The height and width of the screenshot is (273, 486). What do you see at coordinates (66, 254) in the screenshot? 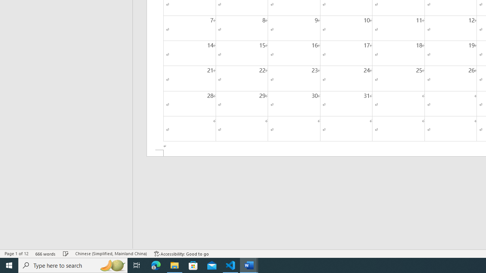
I see `'Spelling and Grammar Check Checking'` at bounding box center [66, 254].